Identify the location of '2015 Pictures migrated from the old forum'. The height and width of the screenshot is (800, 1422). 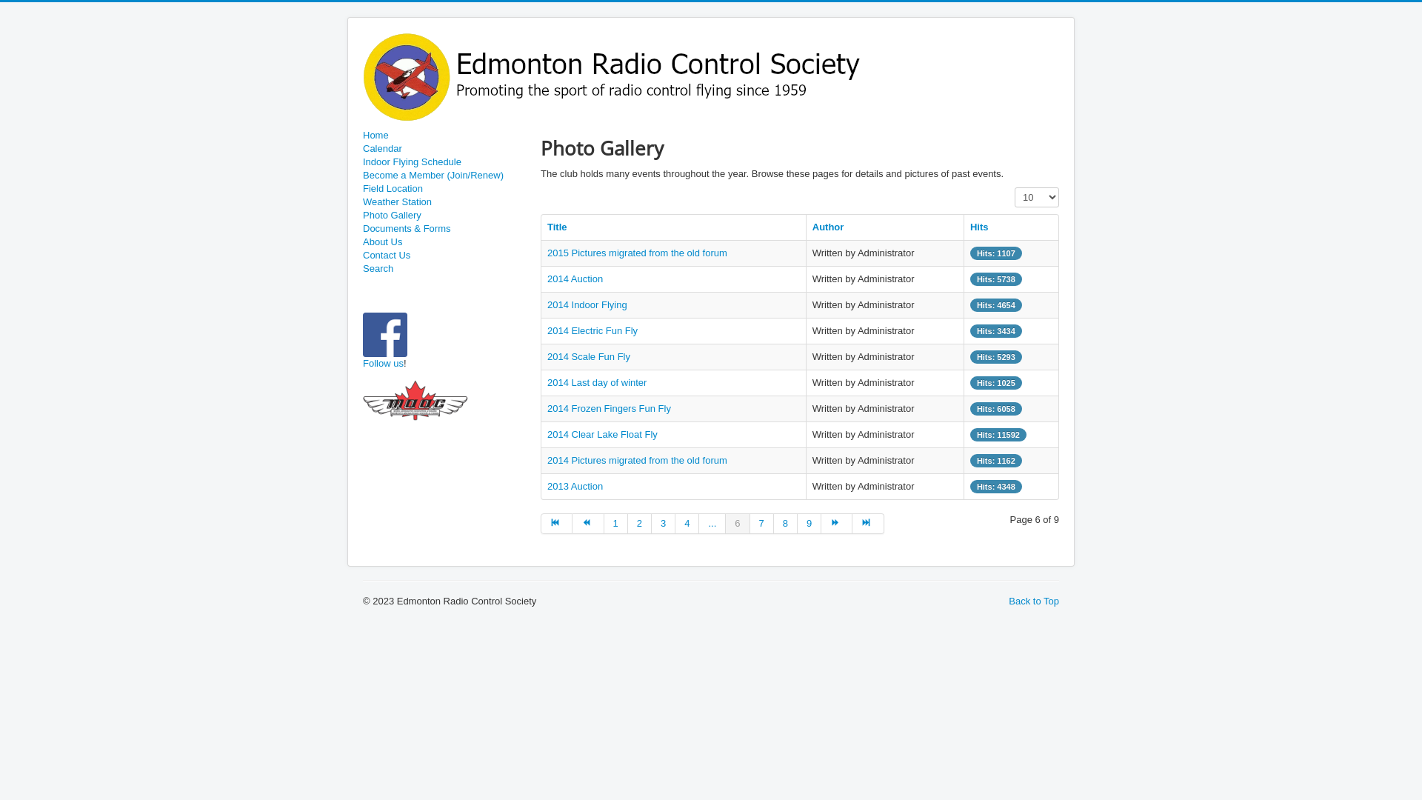
(637, 252).